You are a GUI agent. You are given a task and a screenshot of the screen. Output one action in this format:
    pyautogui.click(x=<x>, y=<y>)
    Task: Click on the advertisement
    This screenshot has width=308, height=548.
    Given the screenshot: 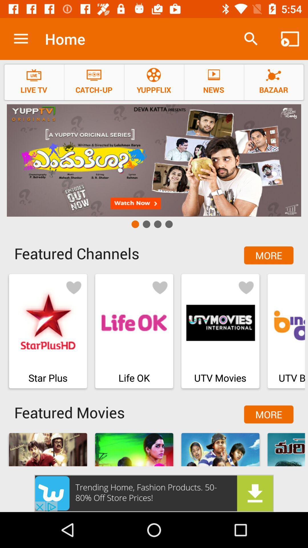 What is the action you would take?
    pyautogui.click(x=154, y=493)
    